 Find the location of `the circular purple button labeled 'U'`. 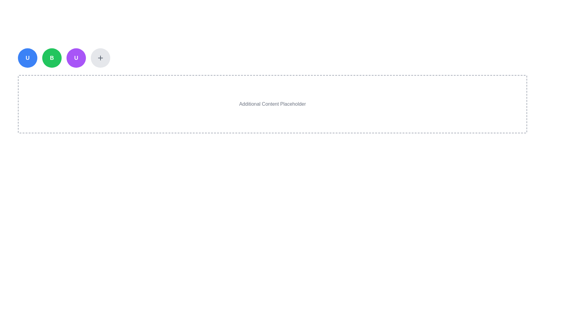

the circular purple button labeled 'U' is located at coordinates (76, 76).